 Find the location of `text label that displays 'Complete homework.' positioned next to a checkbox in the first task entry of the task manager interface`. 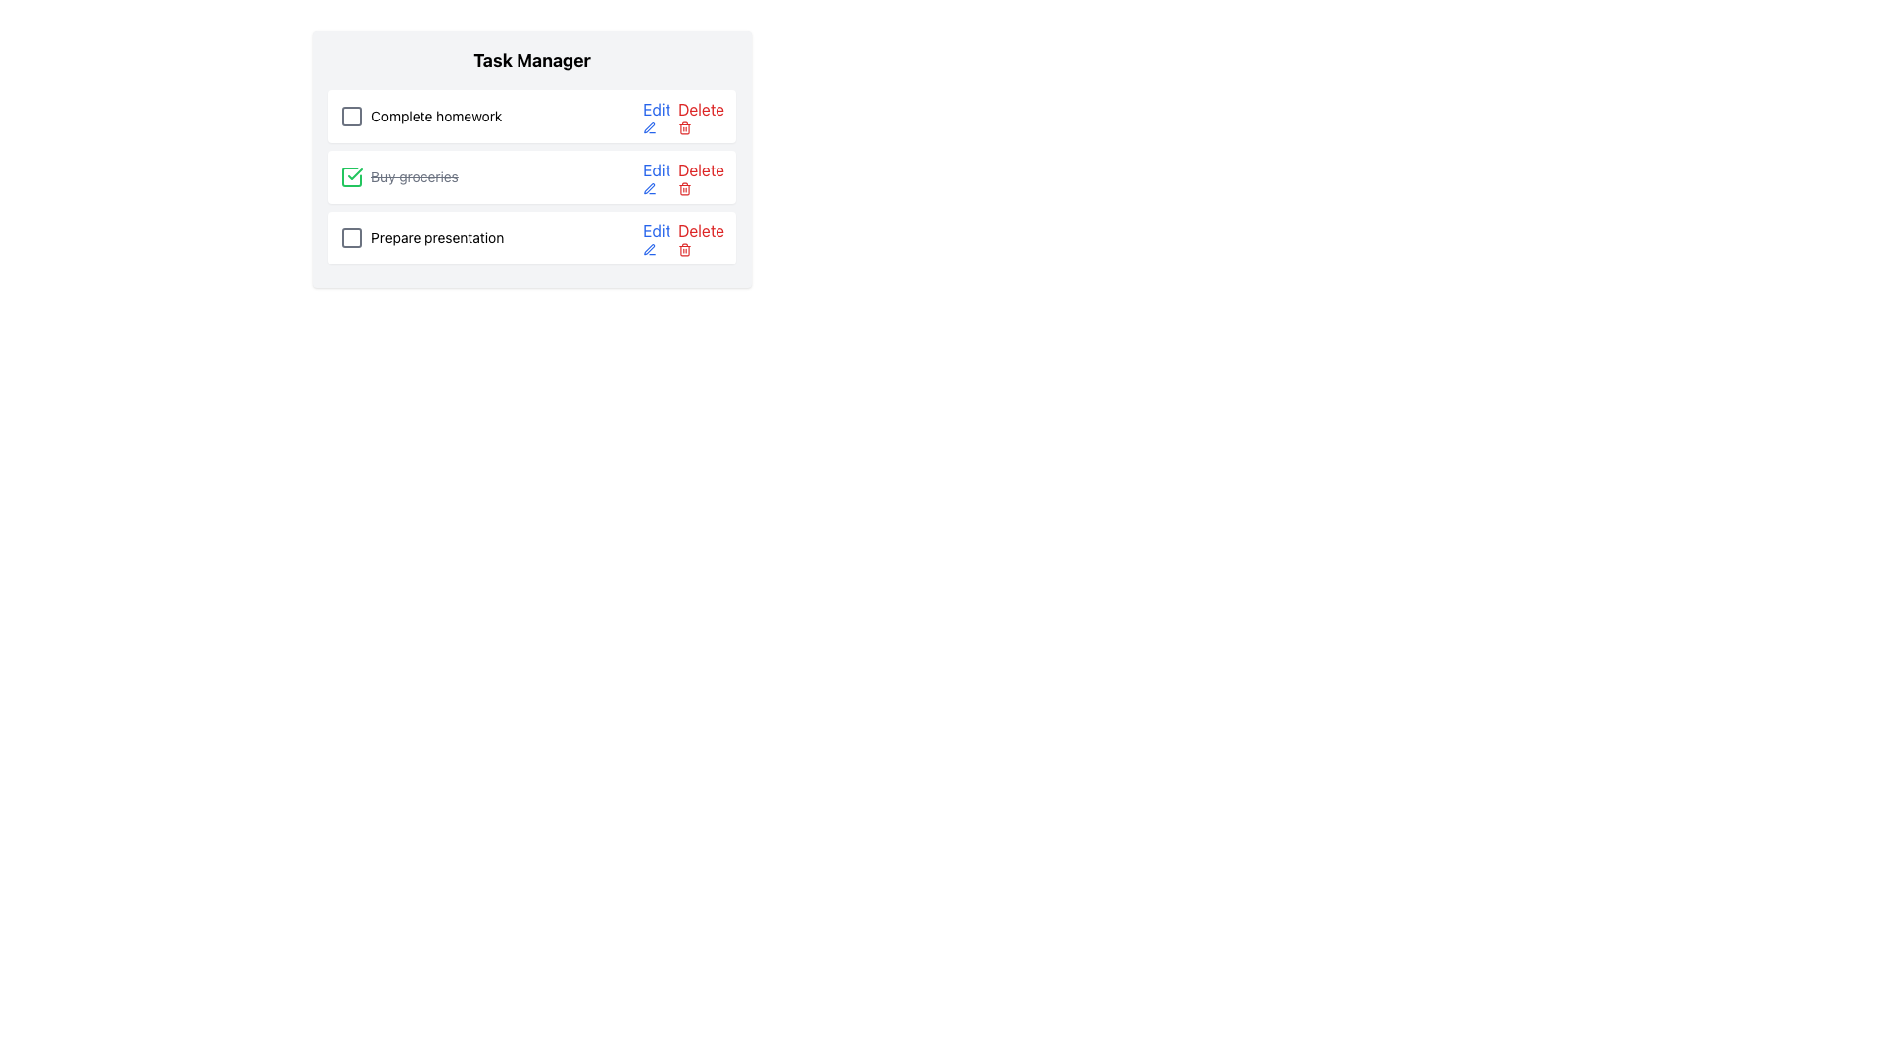

text label that displays 'Complete homework.' positioned next to a checkbox in the first task entry of the task manager interface is located at coordinates (435, 117).